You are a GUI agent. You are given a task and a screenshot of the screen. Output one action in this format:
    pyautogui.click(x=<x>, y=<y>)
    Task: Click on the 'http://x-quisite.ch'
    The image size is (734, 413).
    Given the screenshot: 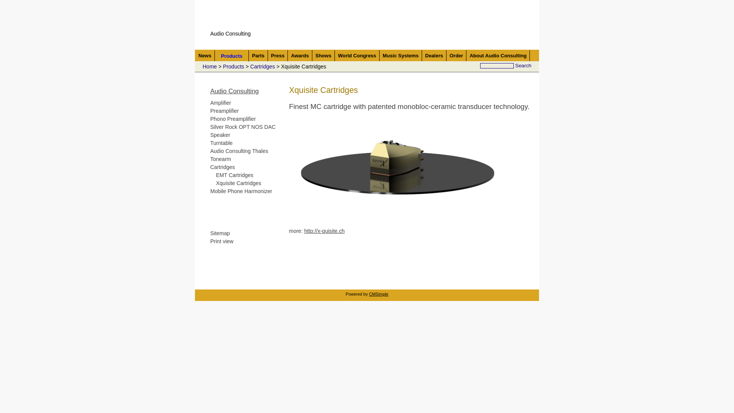 What is the action you would take?
    pyautogui.click(x=325, y=231)
    